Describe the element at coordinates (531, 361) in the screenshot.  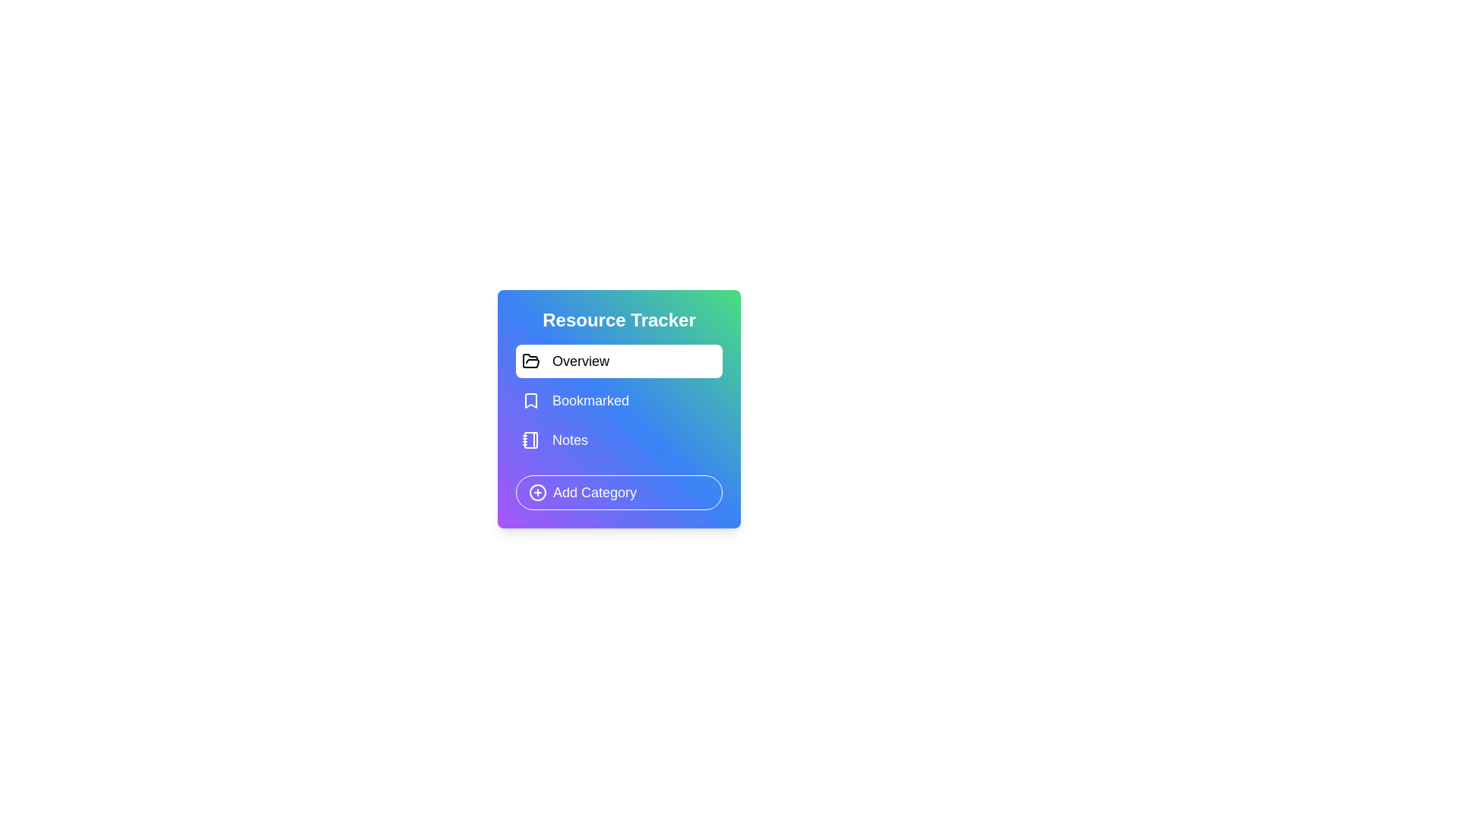
I see `the icon associated with the 'Overview' category to inspect it` at that location.